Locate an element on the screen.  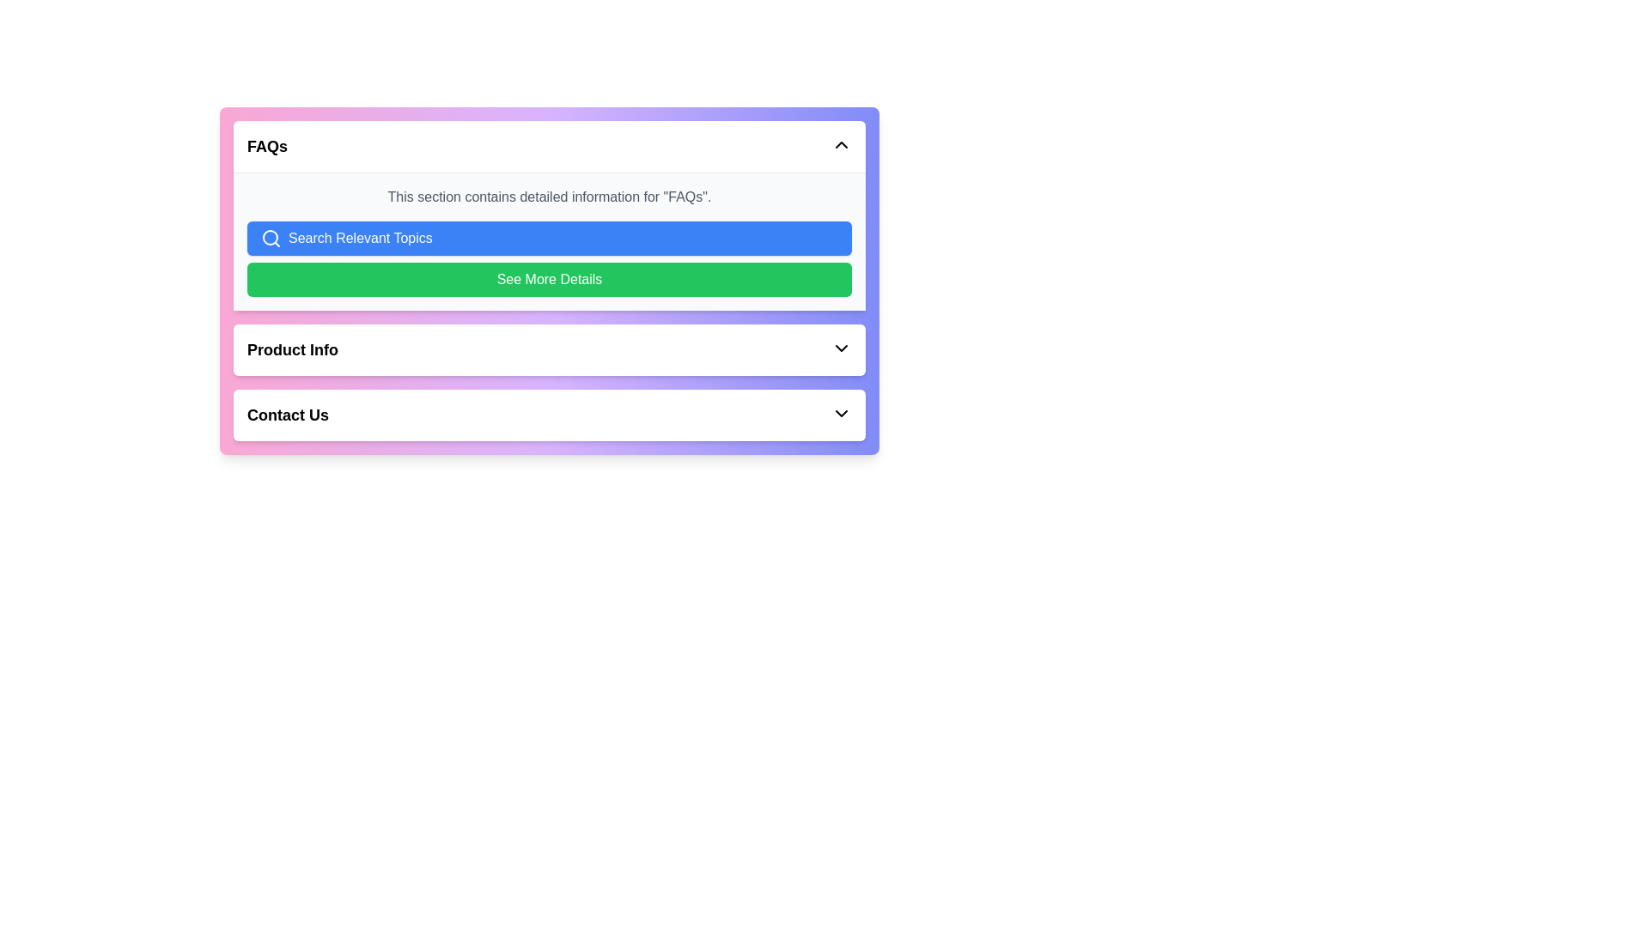
the text label displaying 'This section contains detailed information for "FAQs"' which is styled in a clear sans-serif font and located within a light gray background area is located at coordinates (548, 197).